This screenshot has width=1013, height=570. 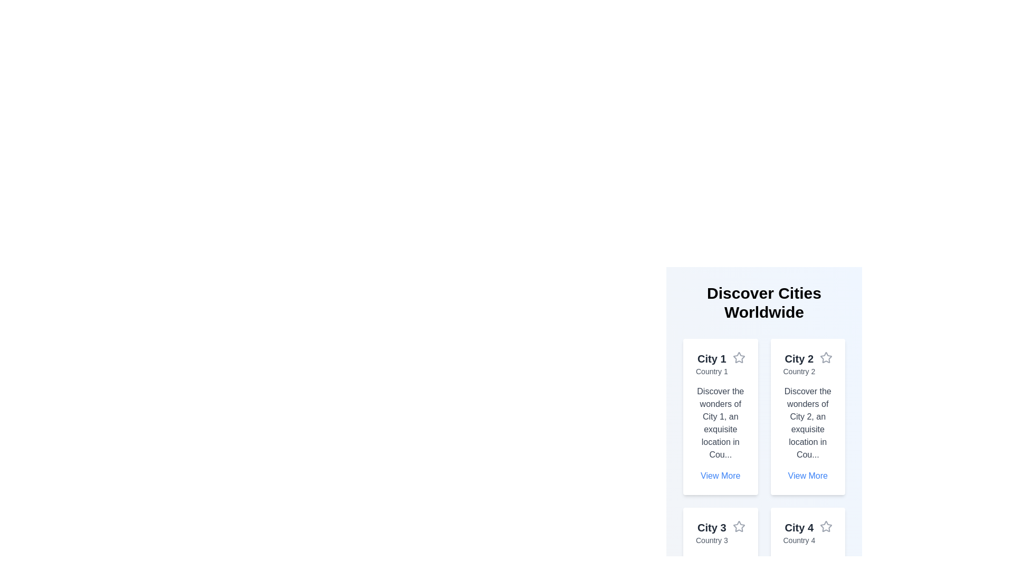 I want to click on the 'City 3' text element with the supporting star icon located in the third card of the 'Discover Cities Worldwide' section, so click(x=720, y=533).